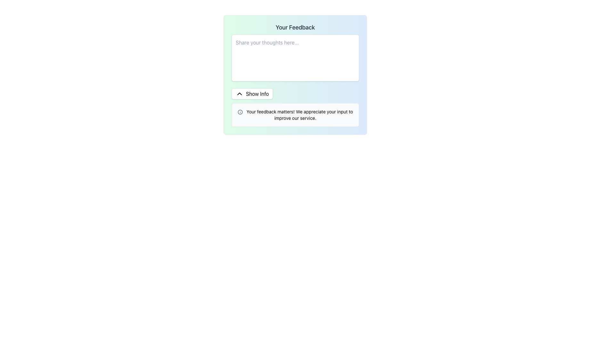 The height and width of the screenshot is (346, 615). Describe the element at coordinates (240, 112) in the screenshot. I see `the Circle graphic located in the upper-right region of the feedback form interface, adjacent to the text block` at that location.